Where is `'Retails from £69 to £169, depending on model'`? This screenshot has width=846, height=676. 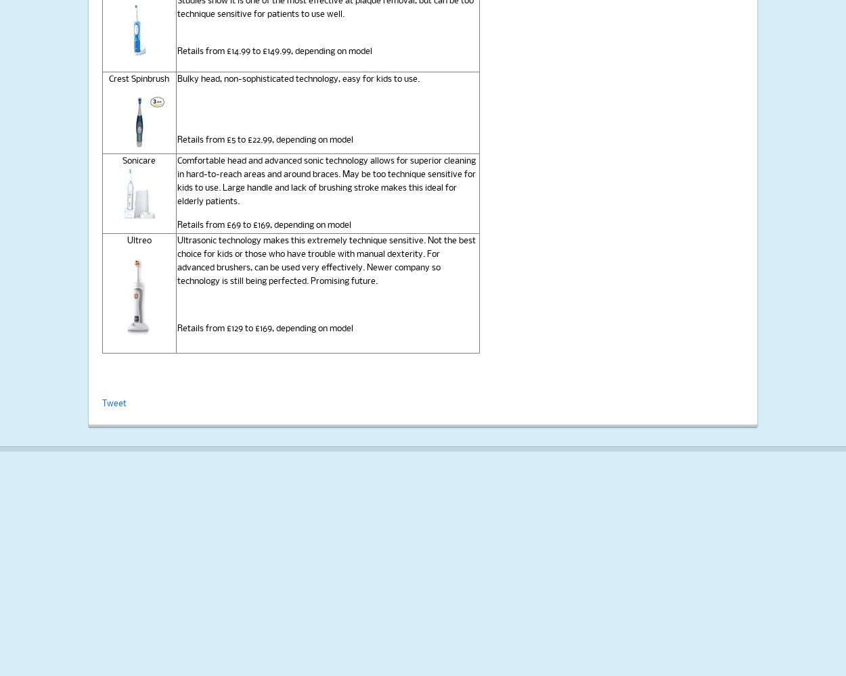 'Retails from £69 to £169, depending on model' is located at coordinates (177, 224).